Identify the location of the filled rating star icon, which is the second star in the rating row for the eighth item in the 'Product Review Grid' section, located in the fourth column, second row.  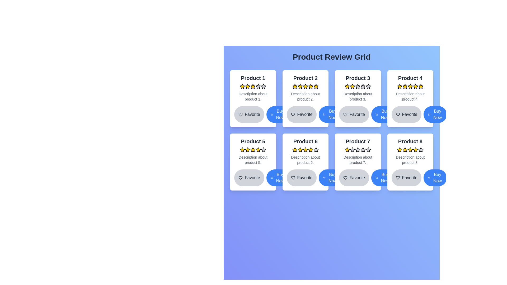
(405, 150).